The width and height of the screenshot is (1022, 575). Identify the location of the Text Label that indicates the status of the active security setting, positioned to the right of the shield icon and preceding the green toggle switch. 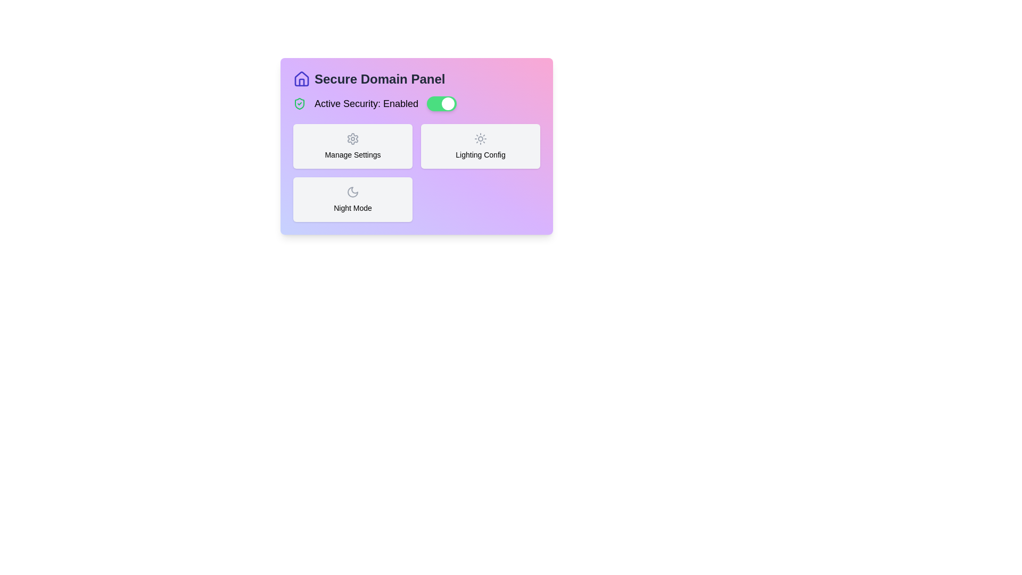
(366, 104).